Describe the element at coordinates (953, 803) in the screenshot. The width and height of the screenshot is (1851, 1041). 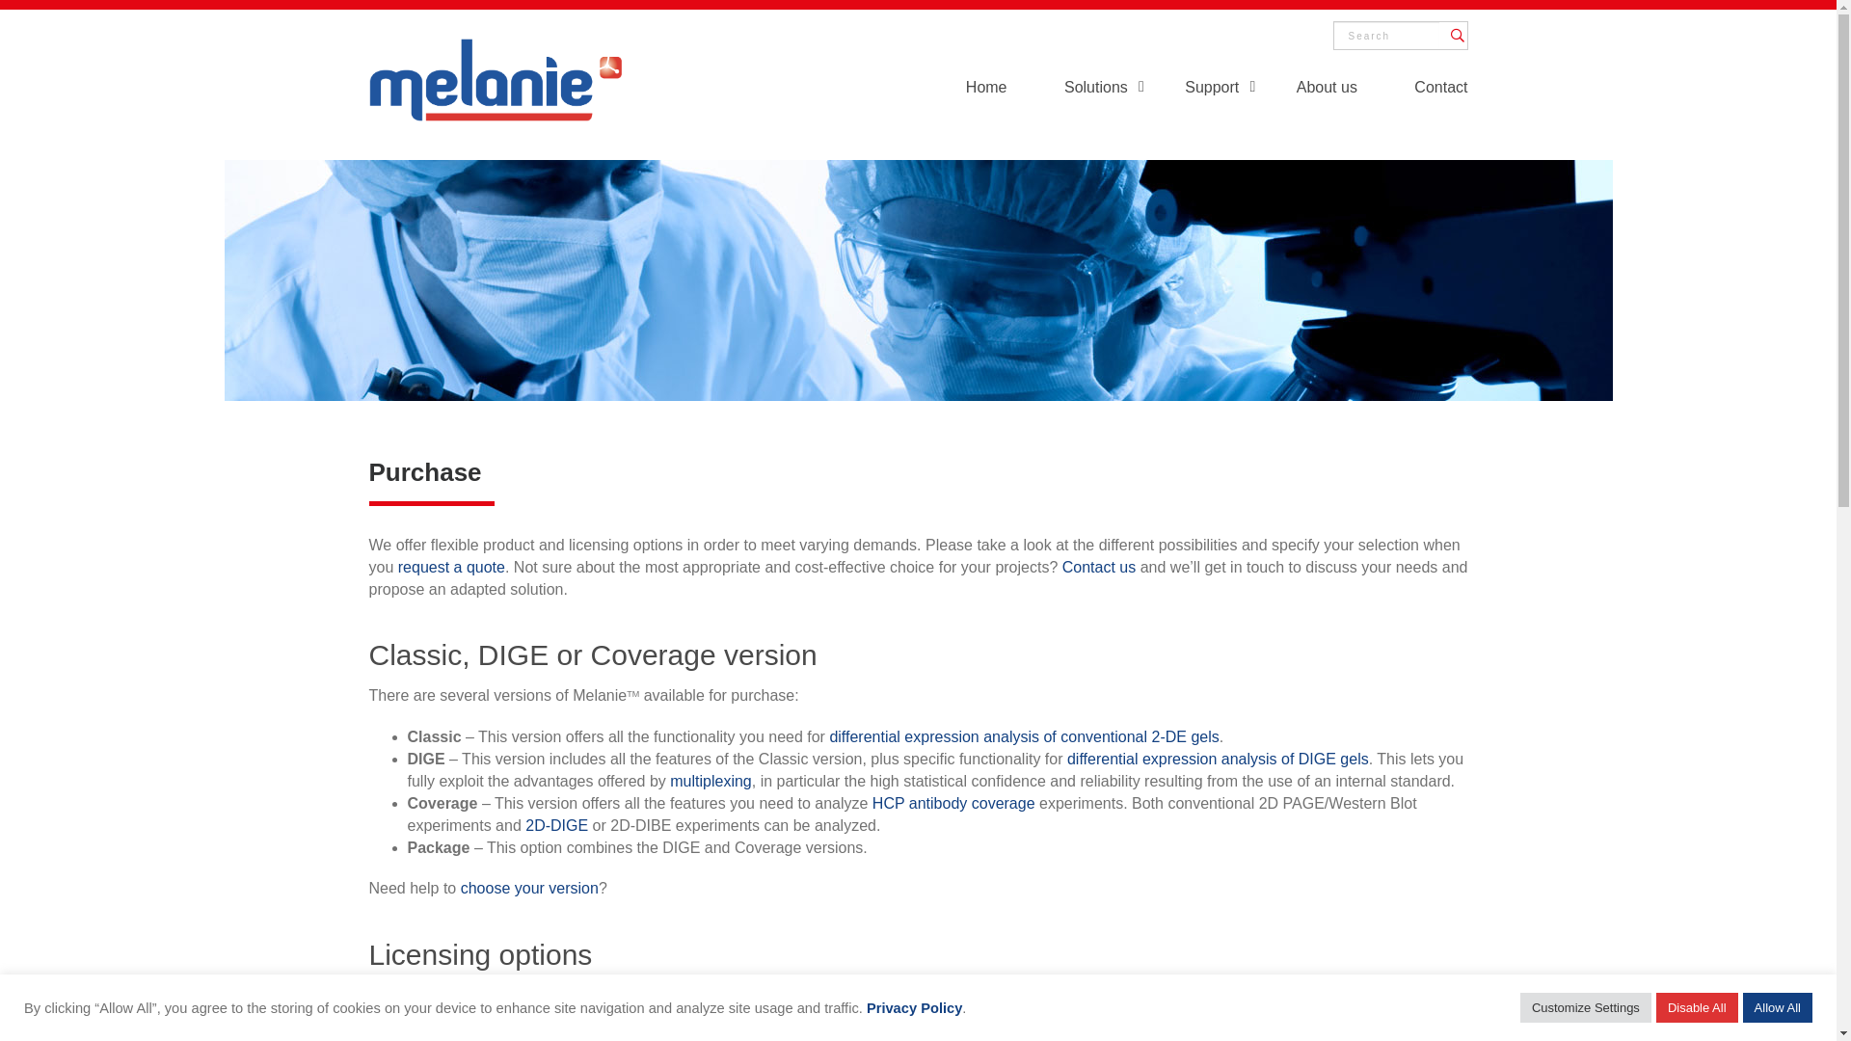
I see `'HCP antibody coverage'` at that location.